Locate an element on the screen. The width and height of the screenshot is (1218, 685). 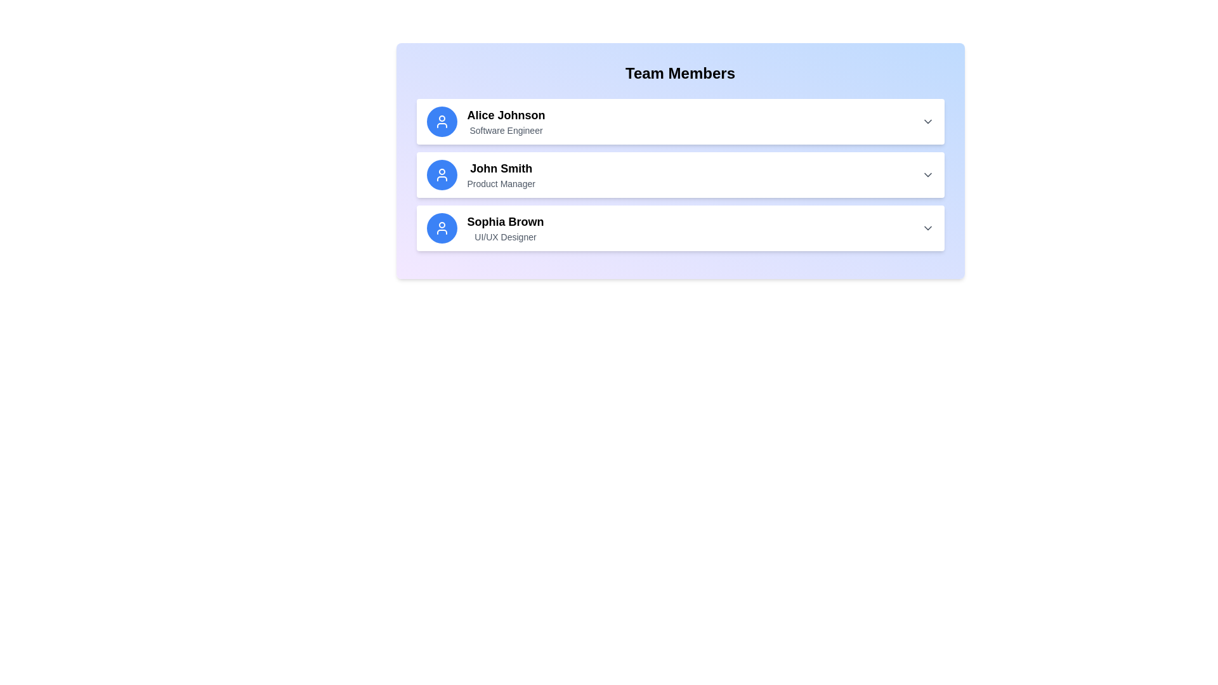
the Decorative Icon, which is a circular person symbol with a head and shoulders inside a blue circular background, located to the left of the name 'Alice Johnson' in the 'Team Members' section is located at coordinates (442, 122).